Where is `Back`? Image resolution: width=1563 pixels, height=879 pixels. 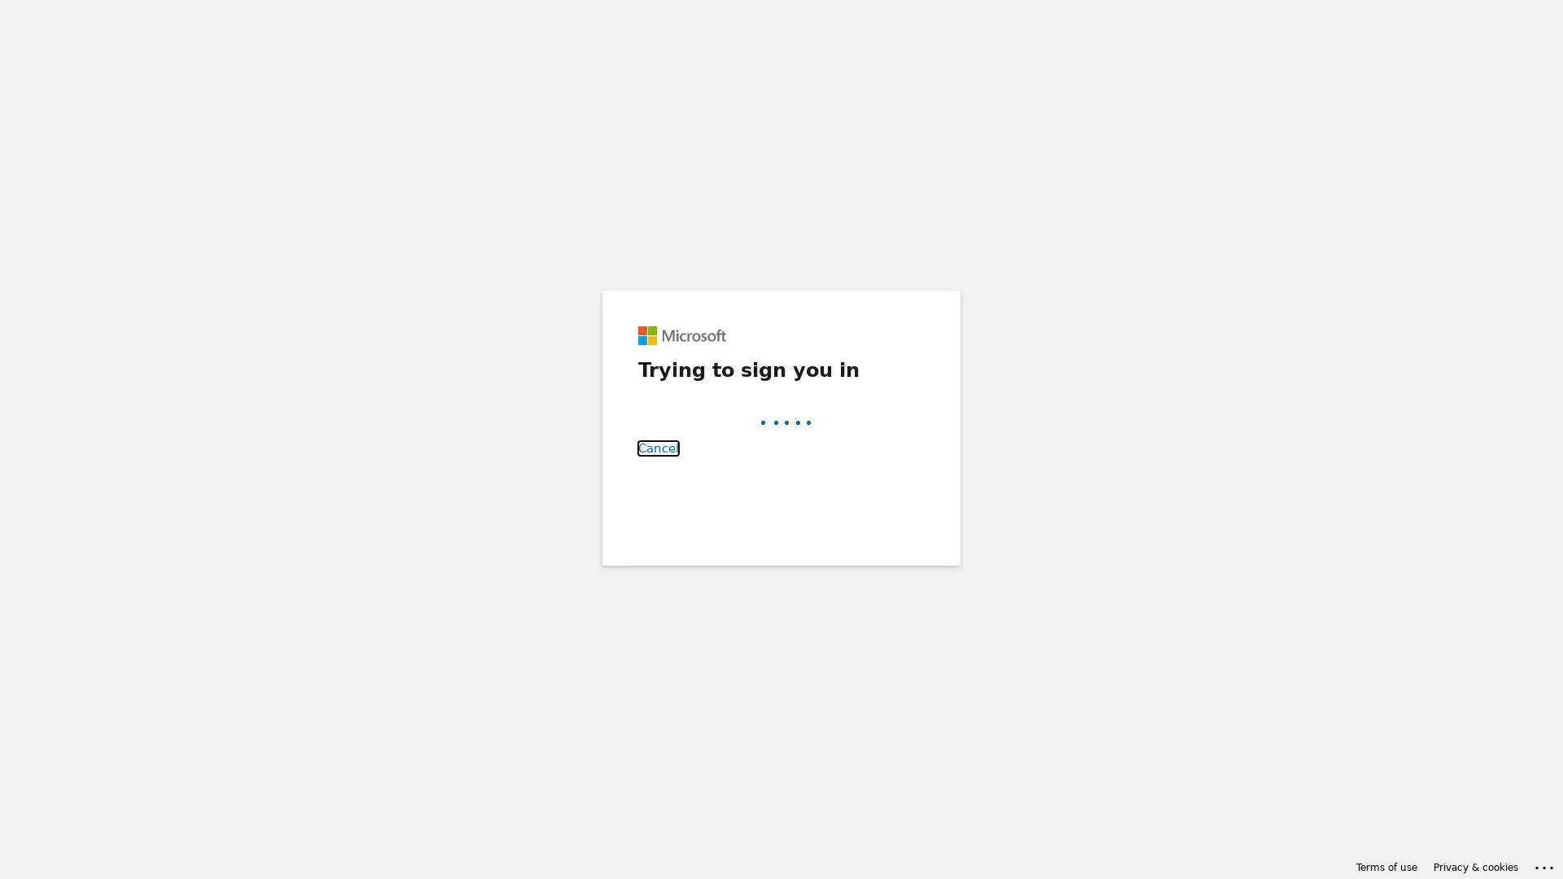
Back is located at coordinates (789, 485).